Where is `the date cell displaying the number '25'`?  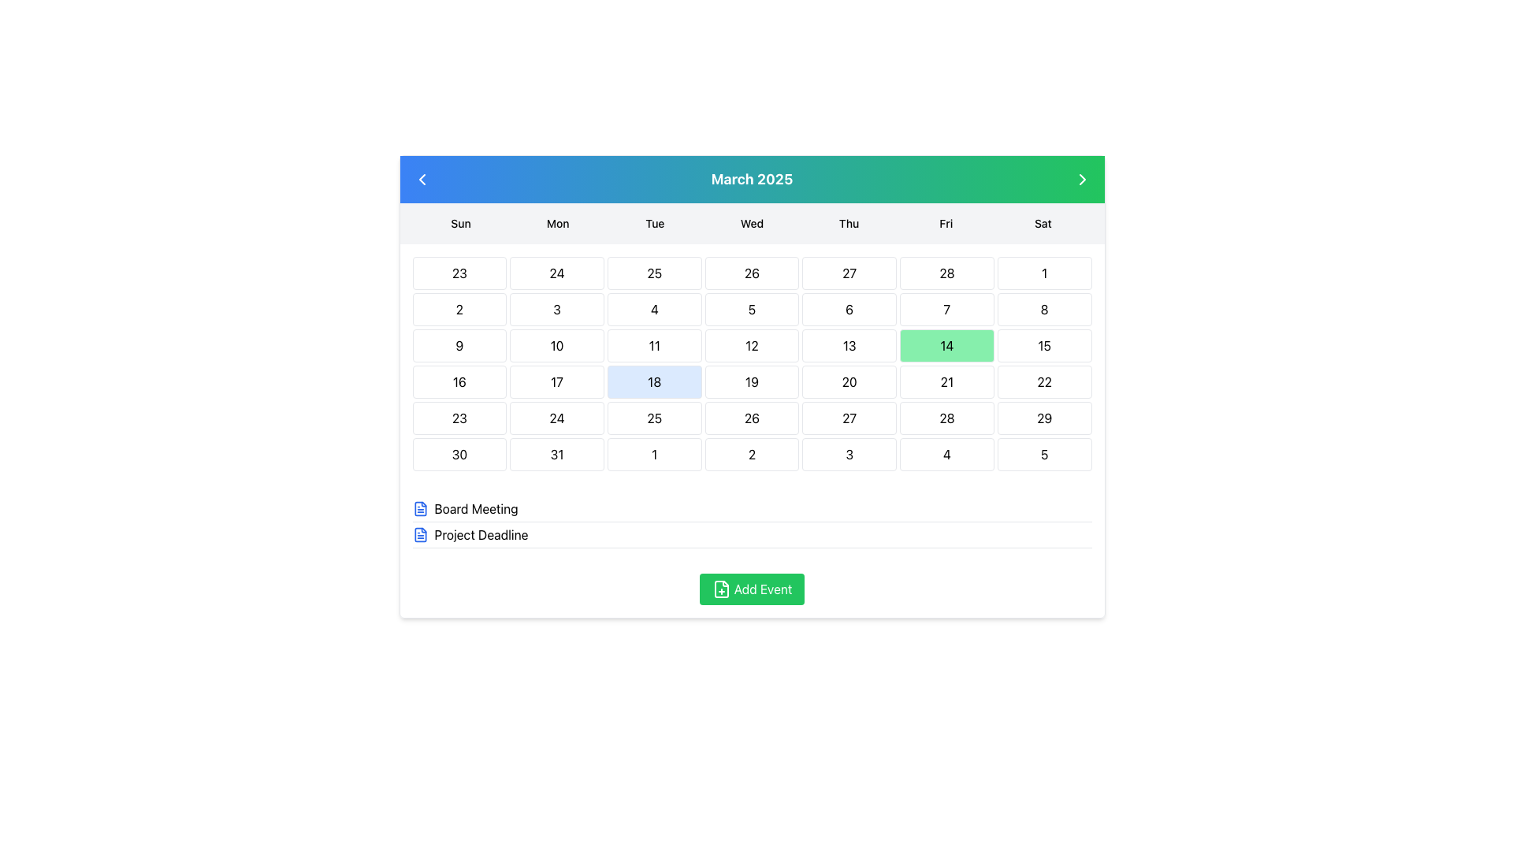
the date cell displaying the number '25' is located at coordinates (654, 273).